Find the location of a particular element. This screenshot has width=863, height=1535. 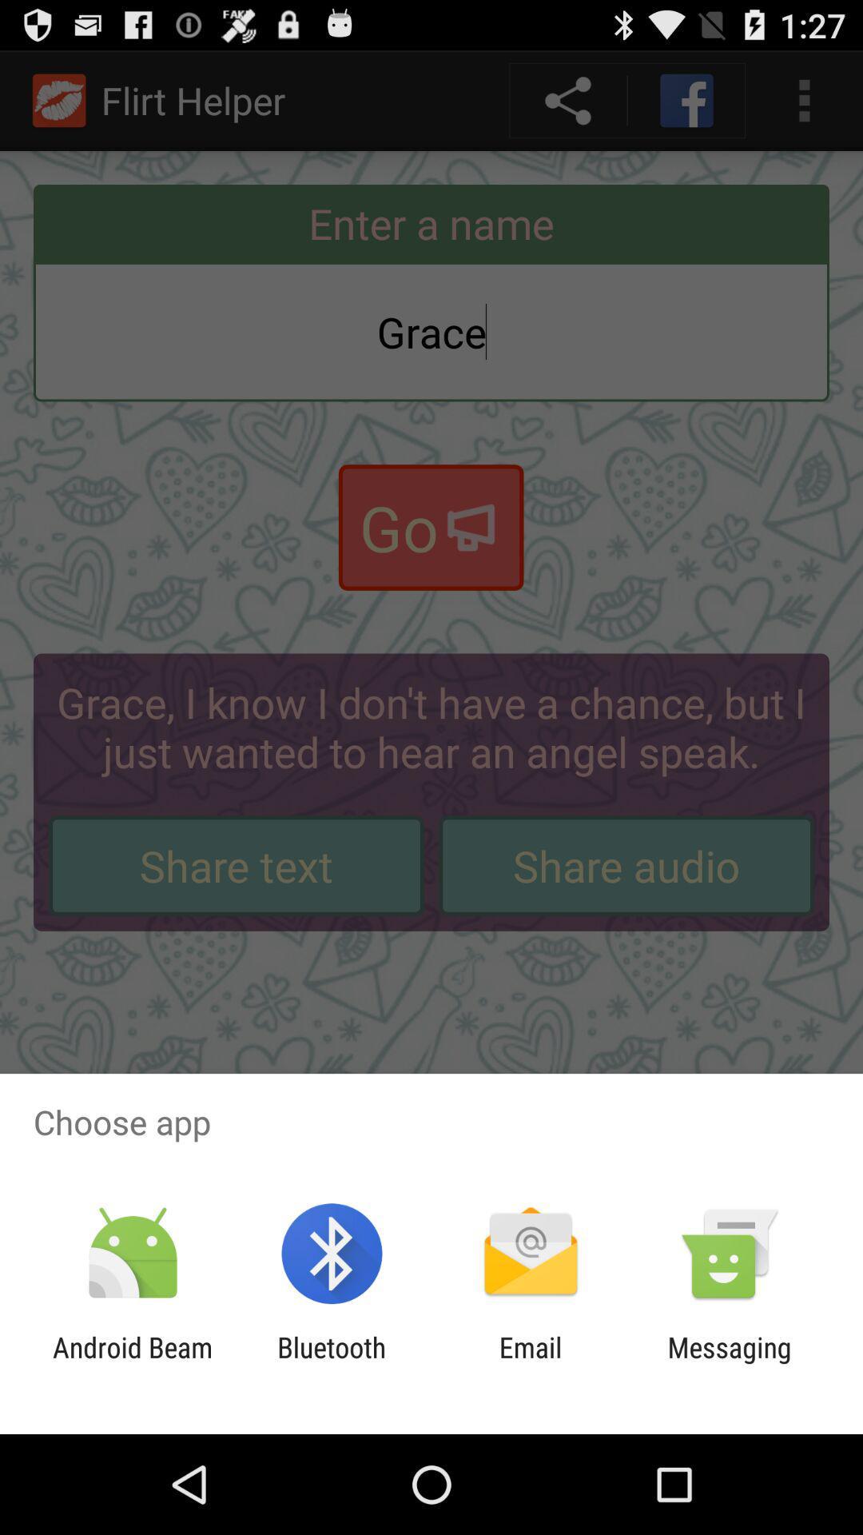

email icon is located at coordinates (531, 1363).